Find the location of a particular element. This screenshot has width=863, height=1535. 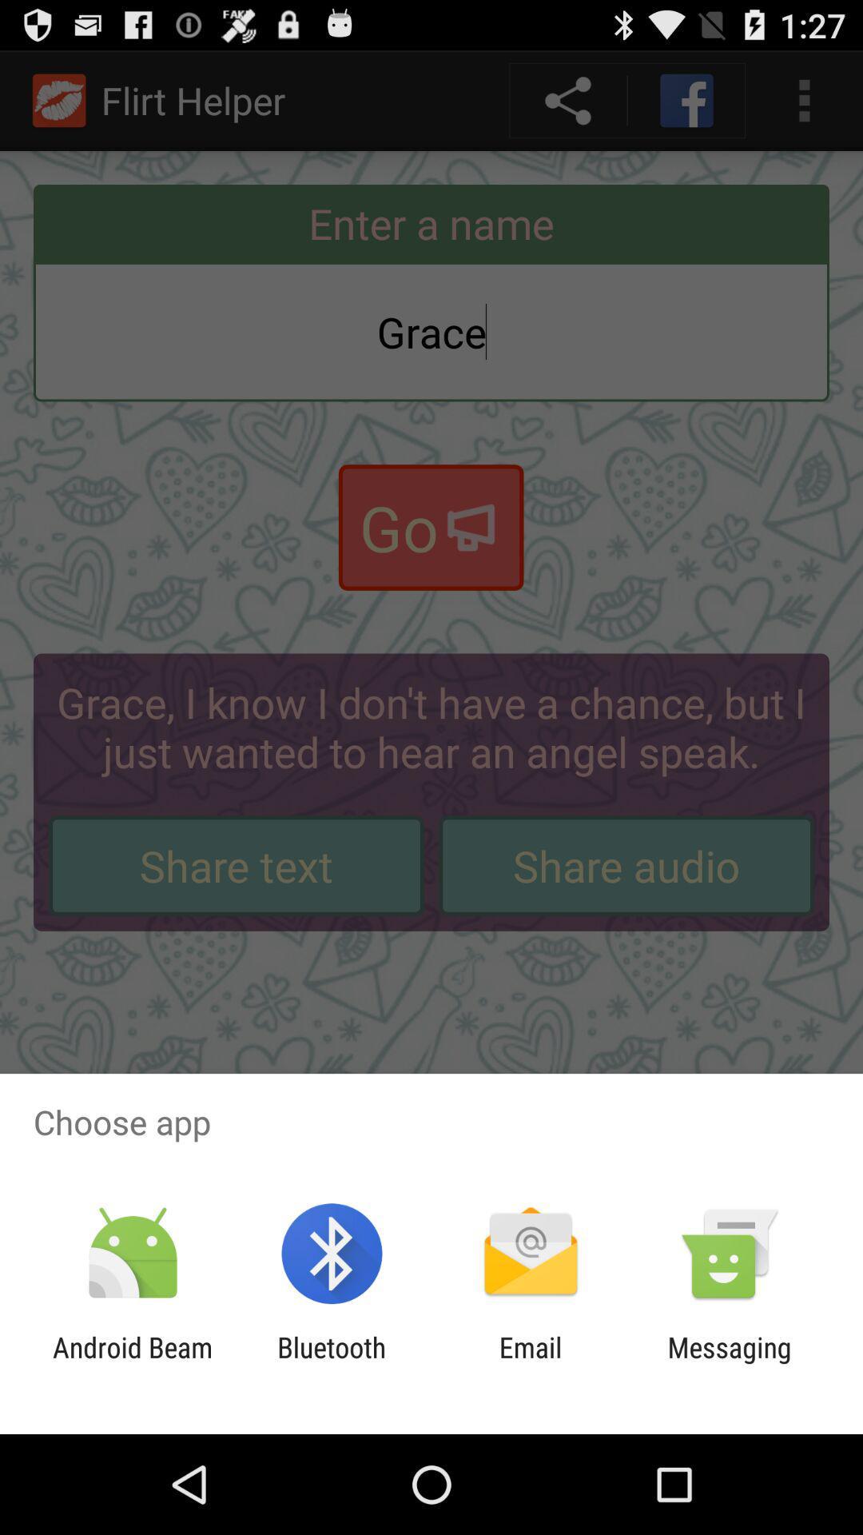

email icon is located at coordinates (531, 1363).